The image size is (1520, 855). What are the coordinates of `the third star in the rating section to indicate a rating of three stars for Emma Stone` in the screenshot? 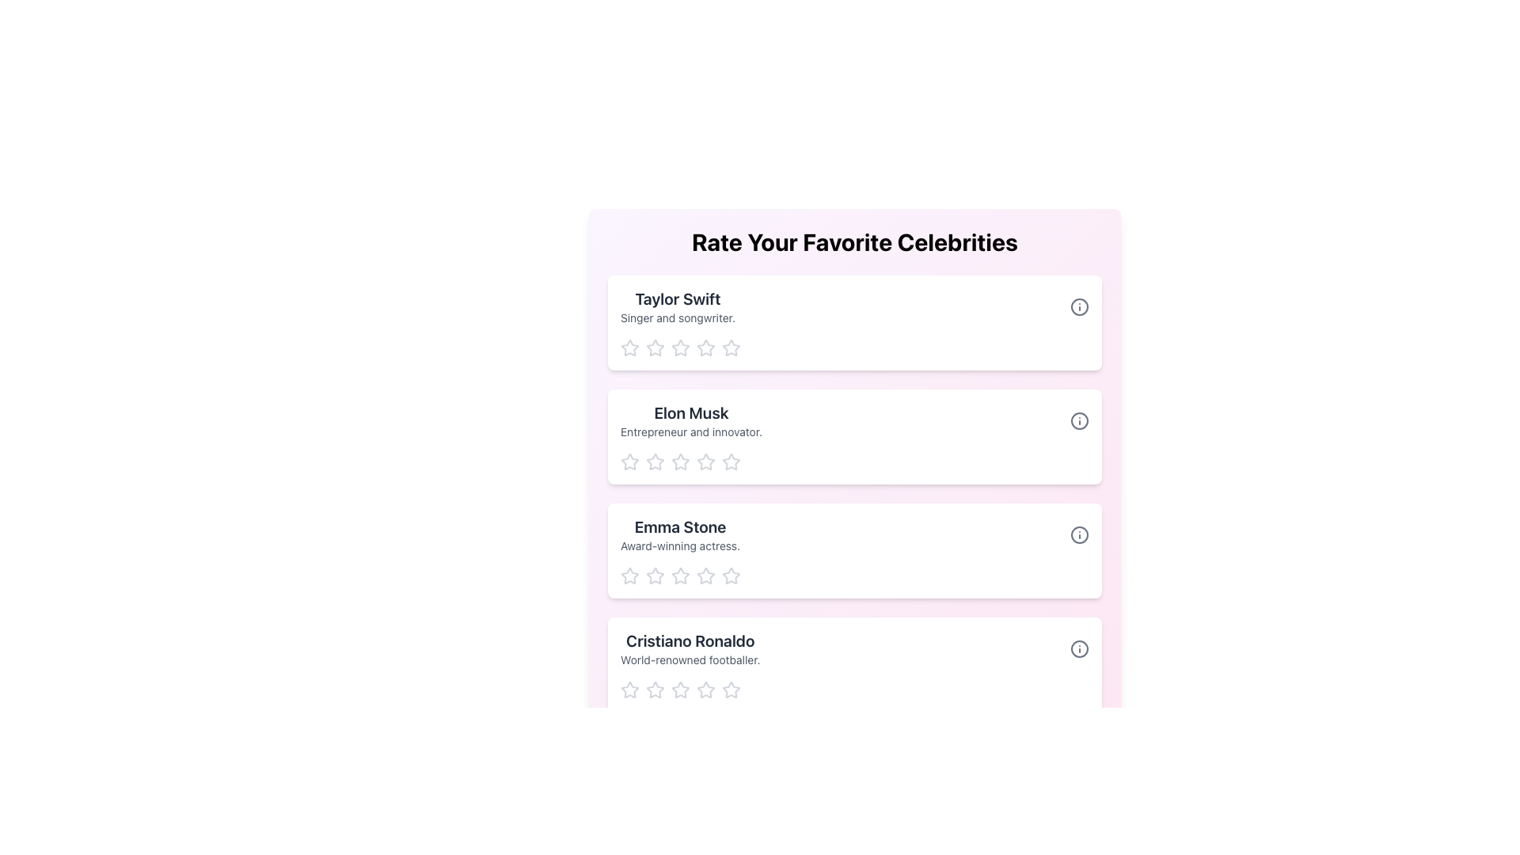 It's located at (705, 575).